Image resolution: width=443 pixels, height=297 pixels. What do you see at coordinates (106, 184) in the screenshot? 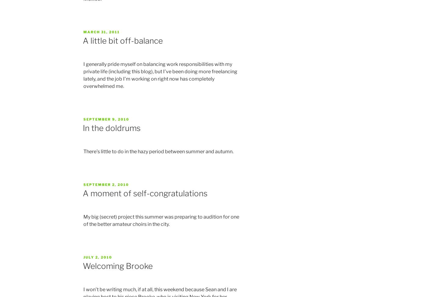
I see `'September 2, 2010'` at bounding box center [106, 184].